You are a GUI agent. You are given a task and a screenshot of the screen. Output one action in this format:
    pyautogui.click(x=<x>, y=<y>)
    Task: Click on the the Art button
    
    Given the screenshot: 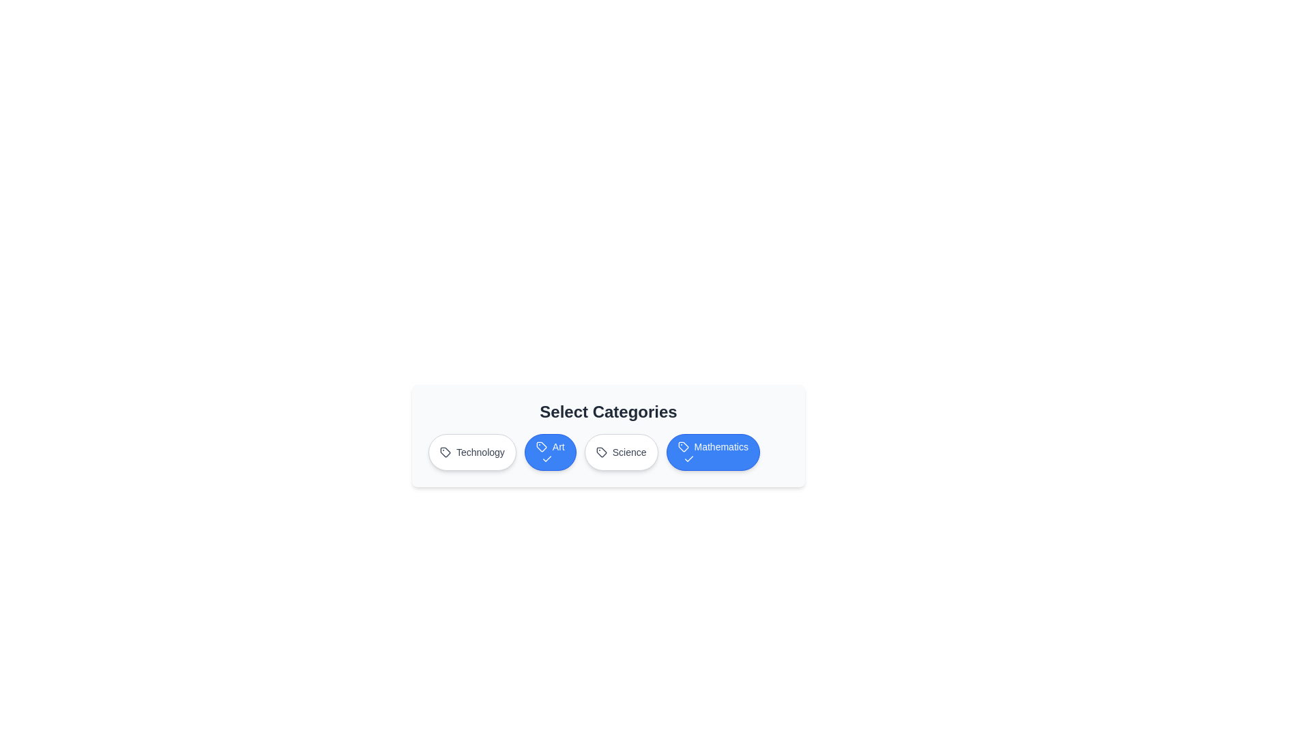 What is the action you would take?
    pyautogui.click(x=550, y=452)
    